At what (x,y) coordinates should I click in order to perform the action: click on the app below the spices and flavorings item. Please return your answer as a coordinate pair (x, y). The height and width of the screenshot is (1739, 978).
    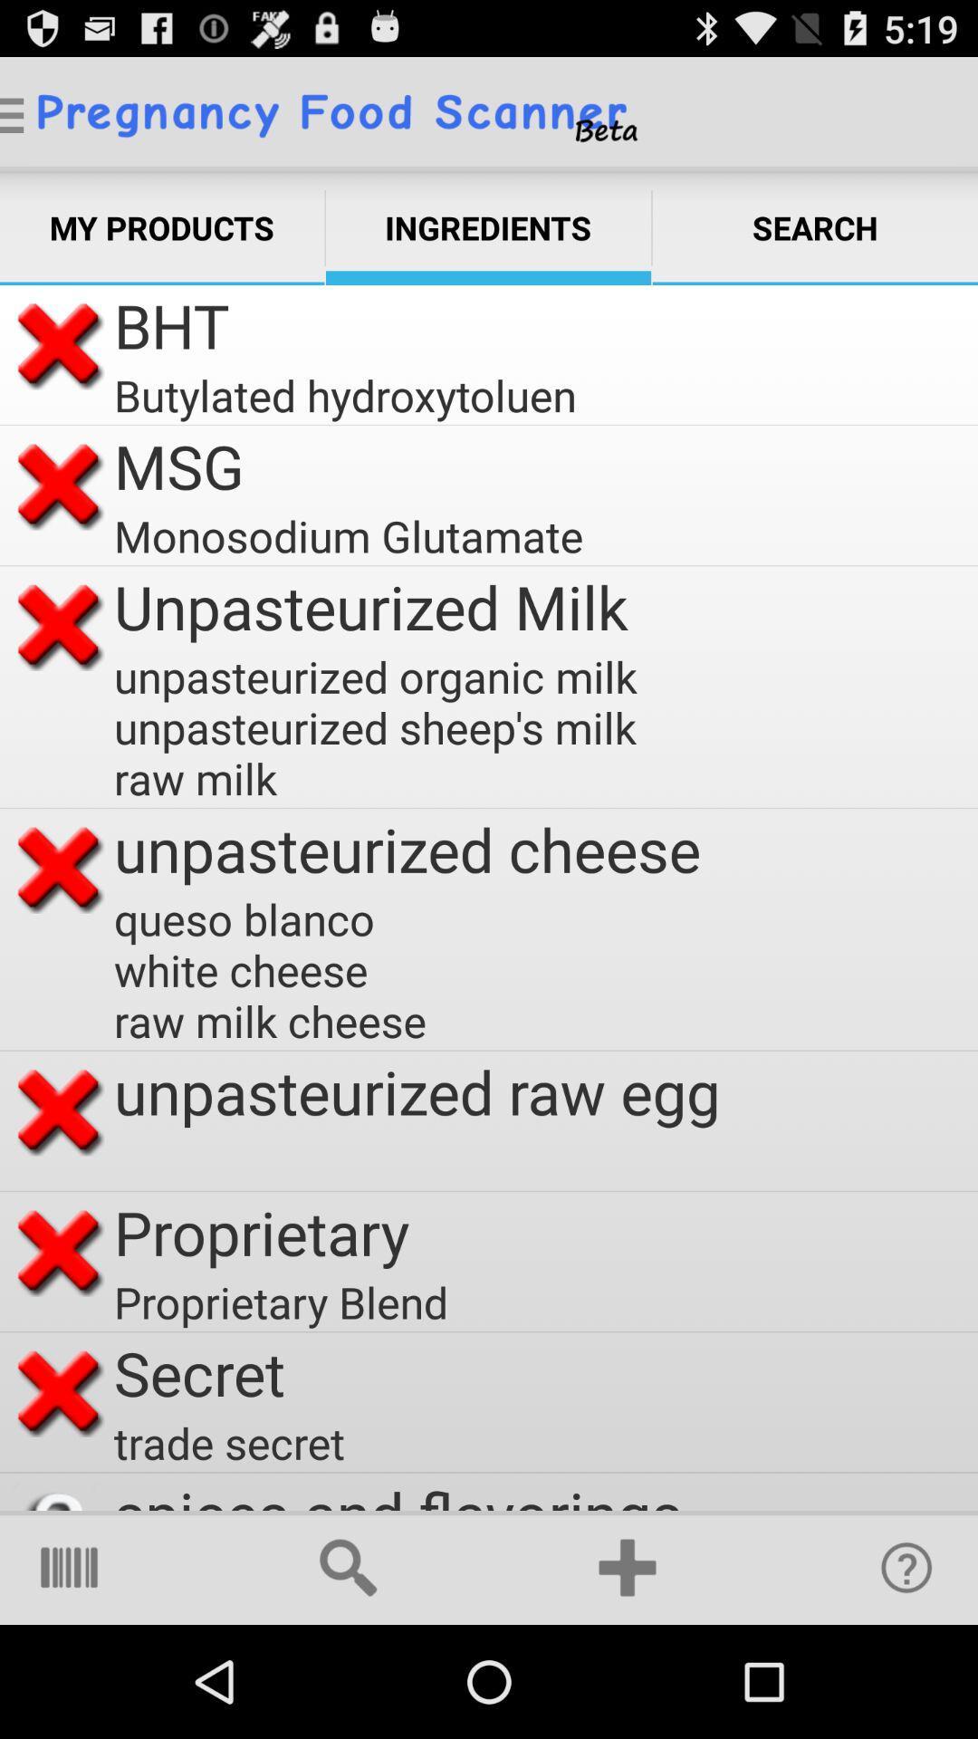
    Looking at the image, I should click on (627, 1567).